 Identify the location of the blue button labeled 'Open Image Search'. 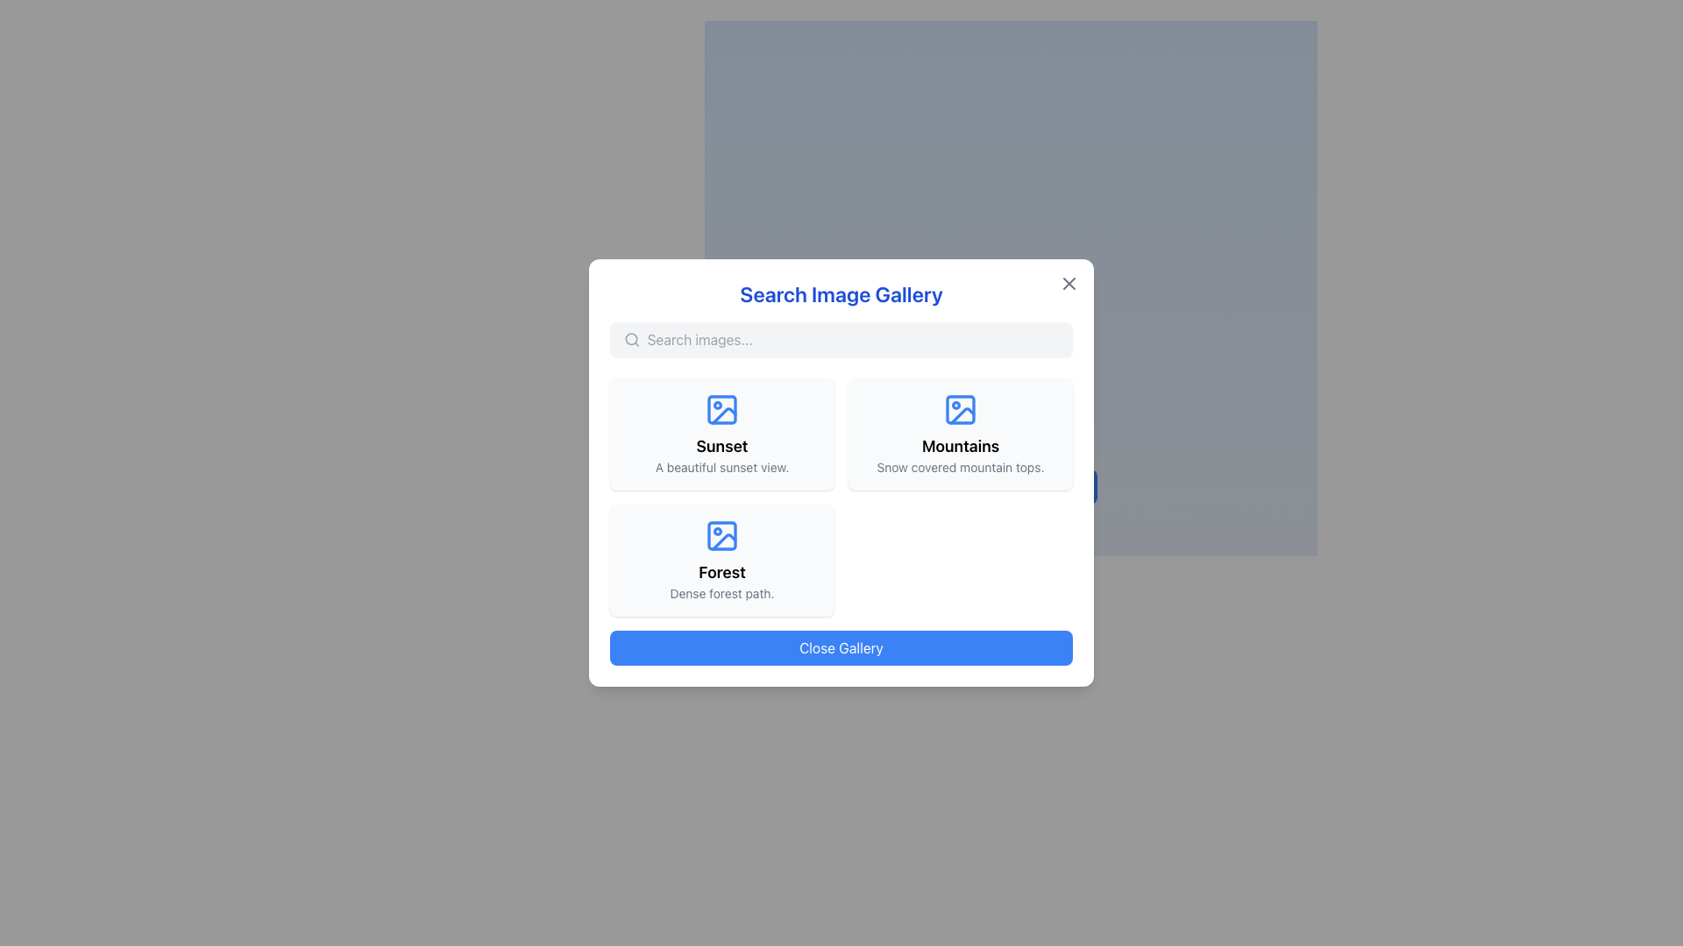
(1011, 486).